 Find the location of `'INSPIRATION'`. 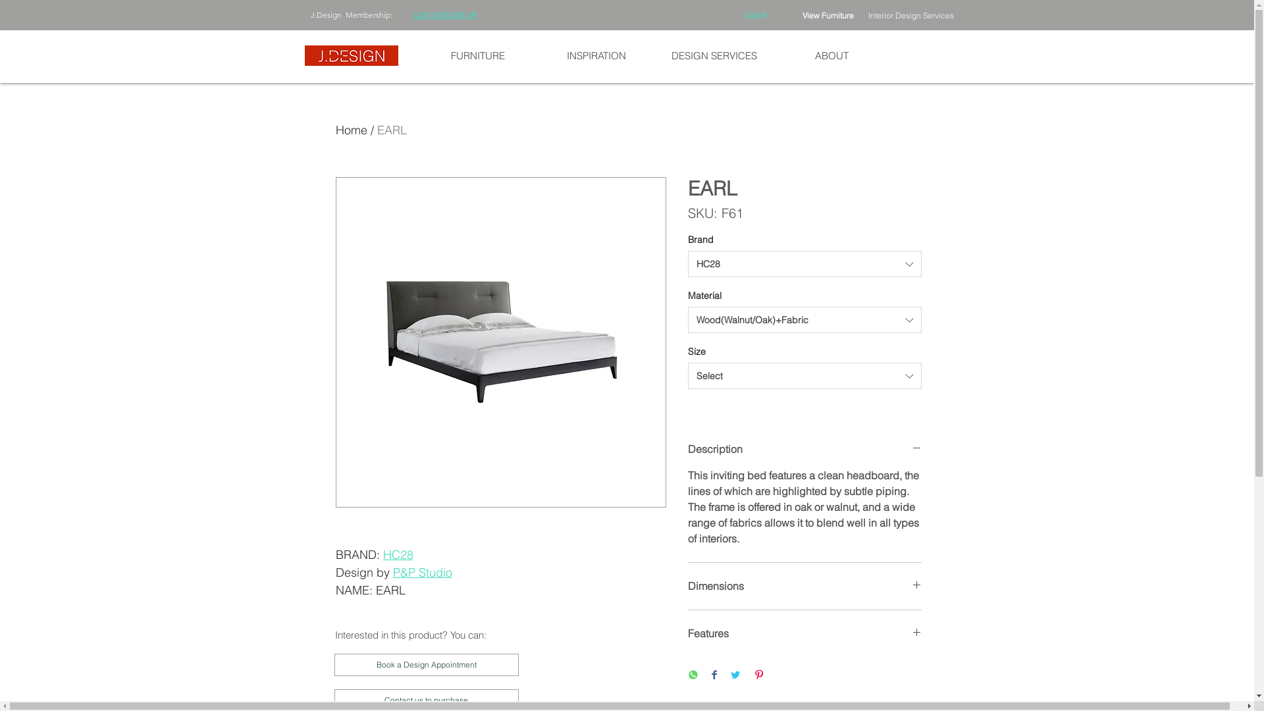

'INSPIRATION' is located at coordinates (537, 55).